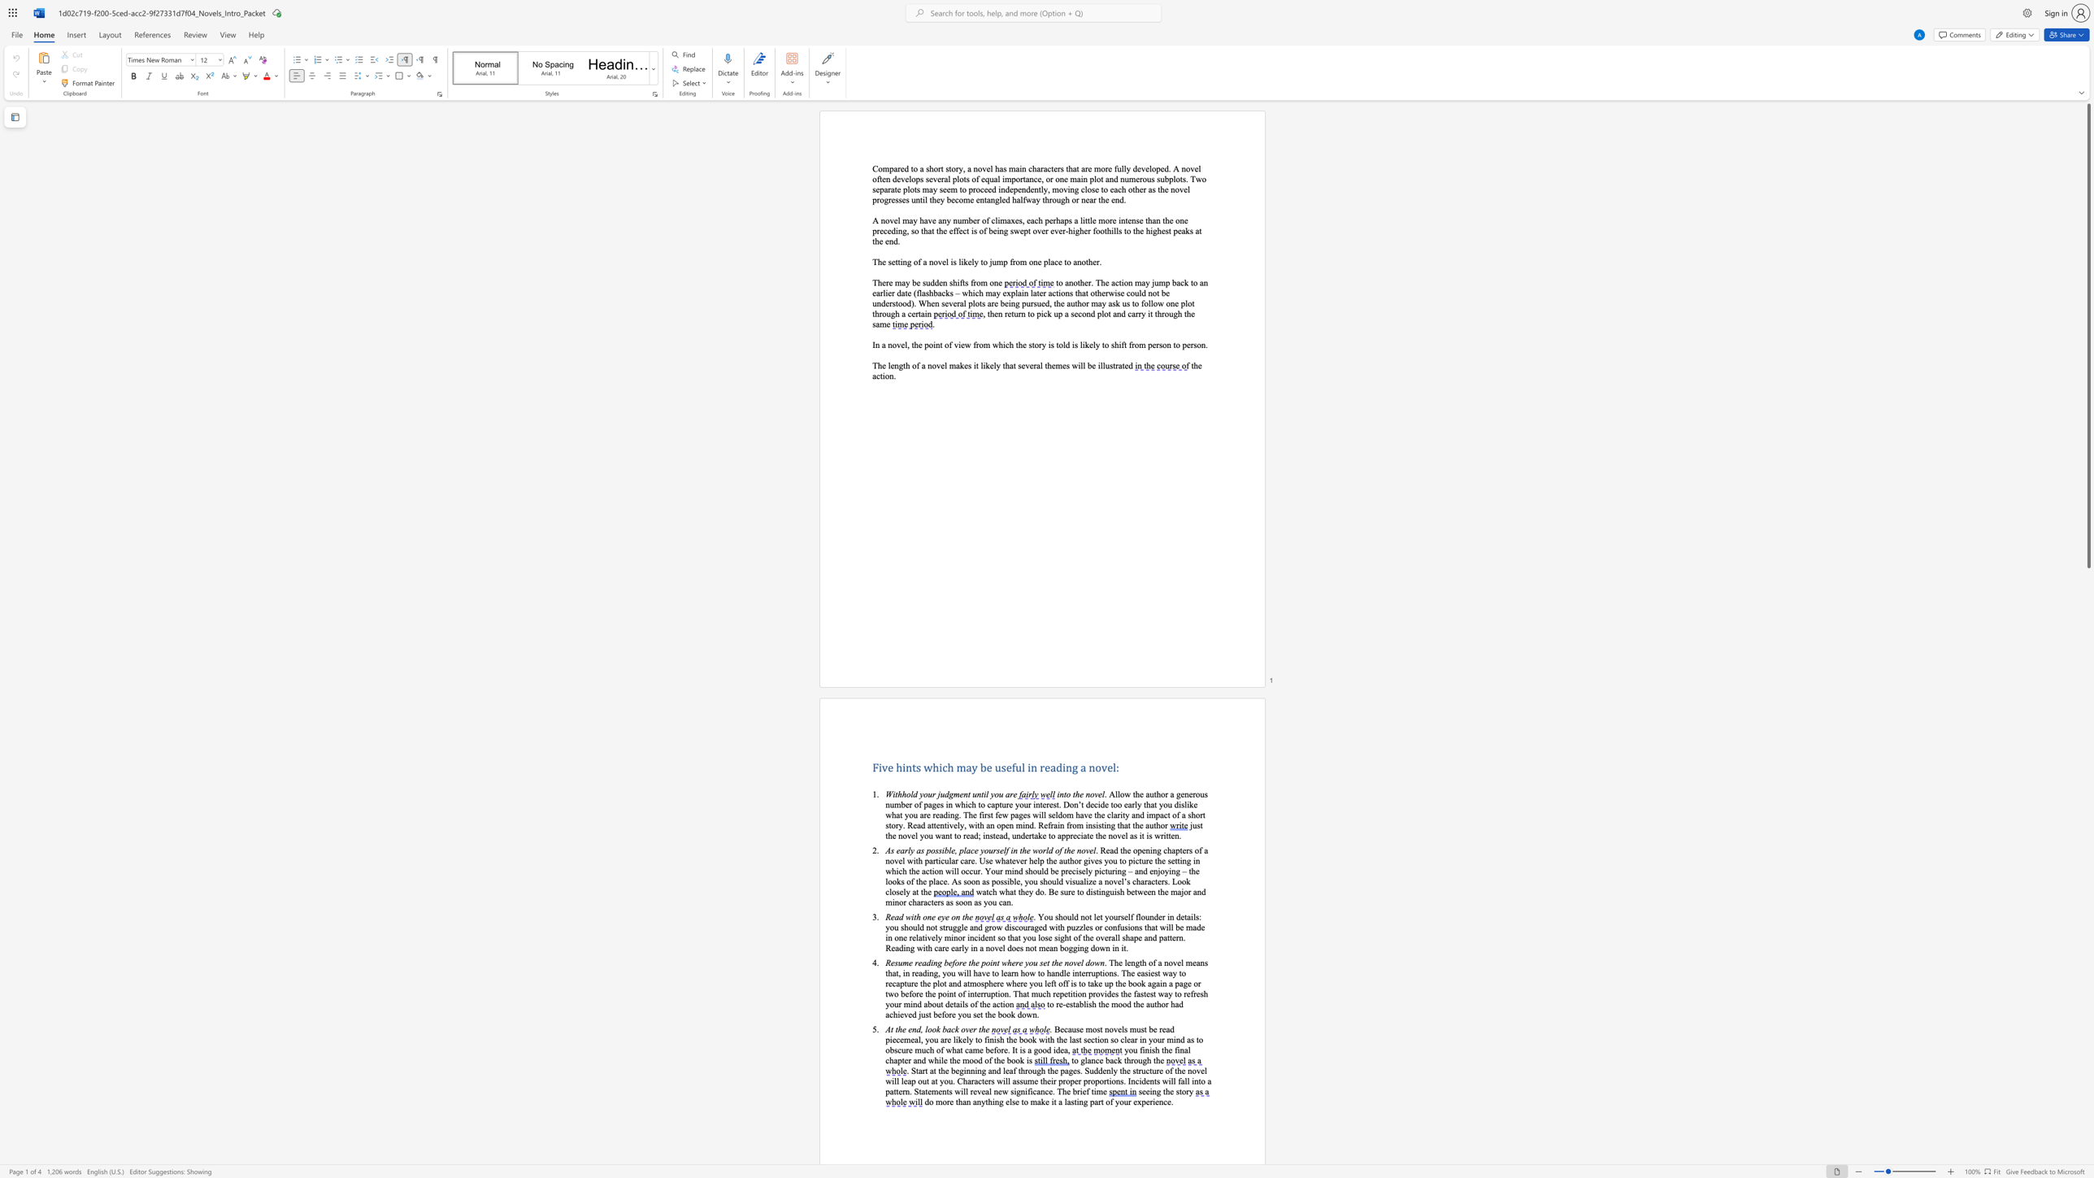  What do you see at coordinates (1158, 794) in the screenshot?
I see `the 2th character "h" in the text` at bounding box center [1158, 794].